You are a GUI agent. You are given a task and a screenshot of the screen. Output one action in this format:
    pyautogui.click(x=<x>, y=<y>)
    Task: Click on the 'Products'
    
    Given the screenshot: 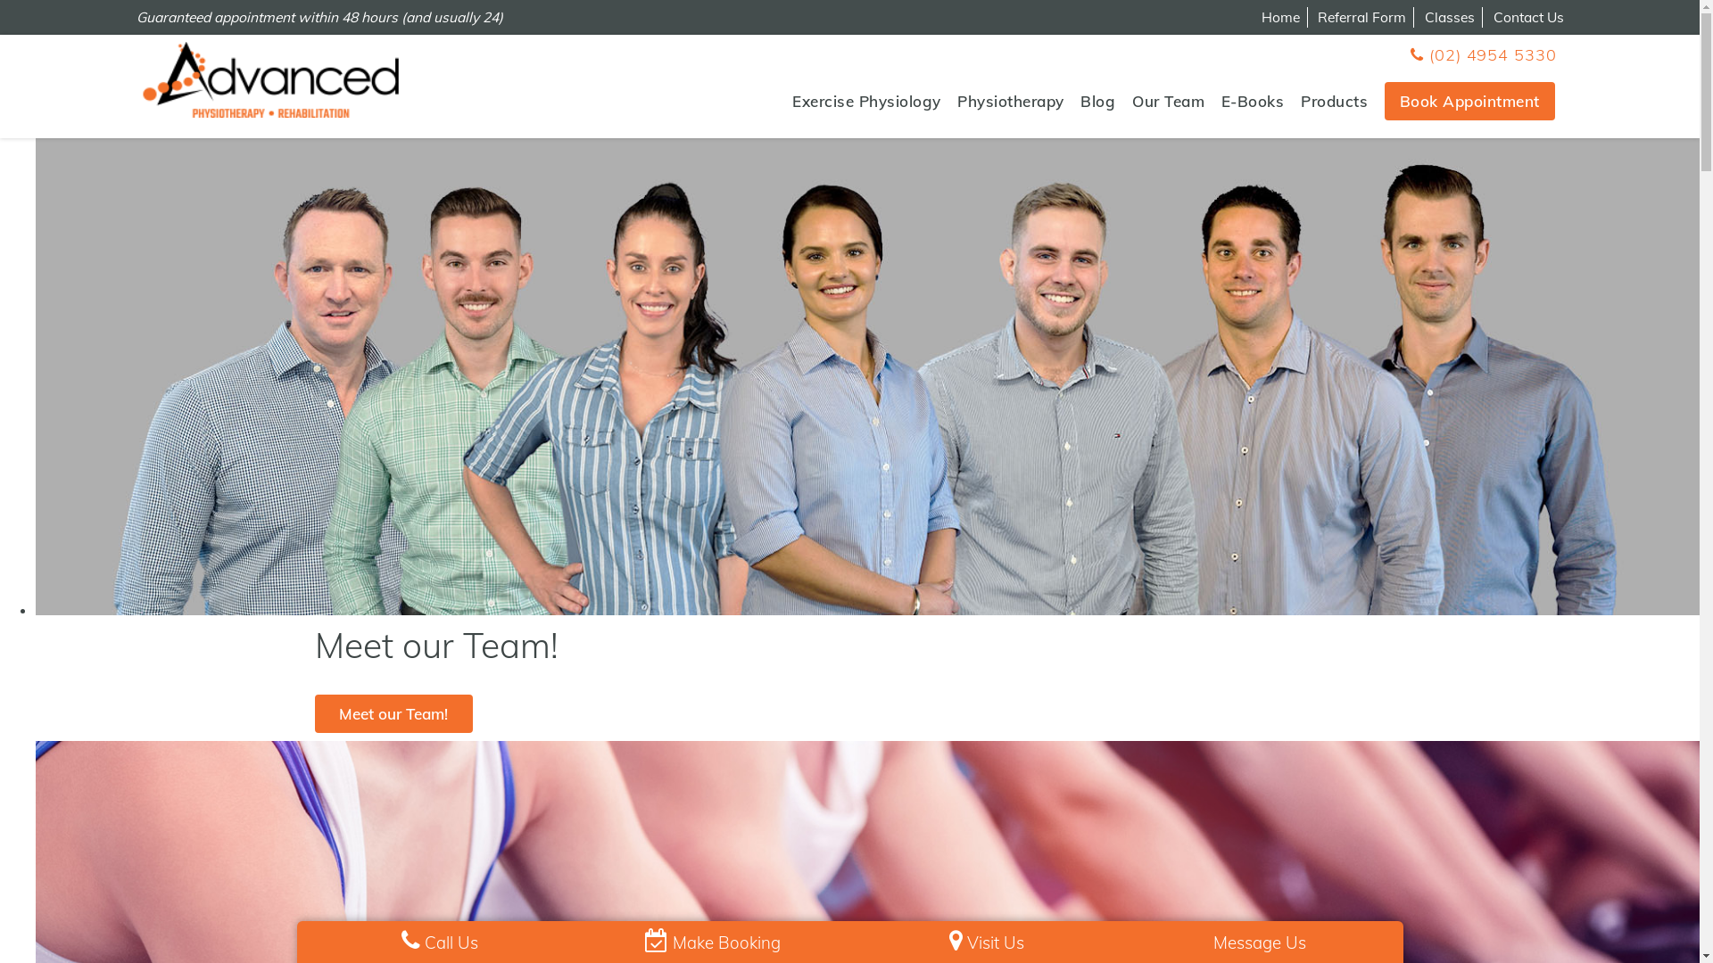 What is the action you would take?
    pyautogui.click(x=1301, y=101)
    